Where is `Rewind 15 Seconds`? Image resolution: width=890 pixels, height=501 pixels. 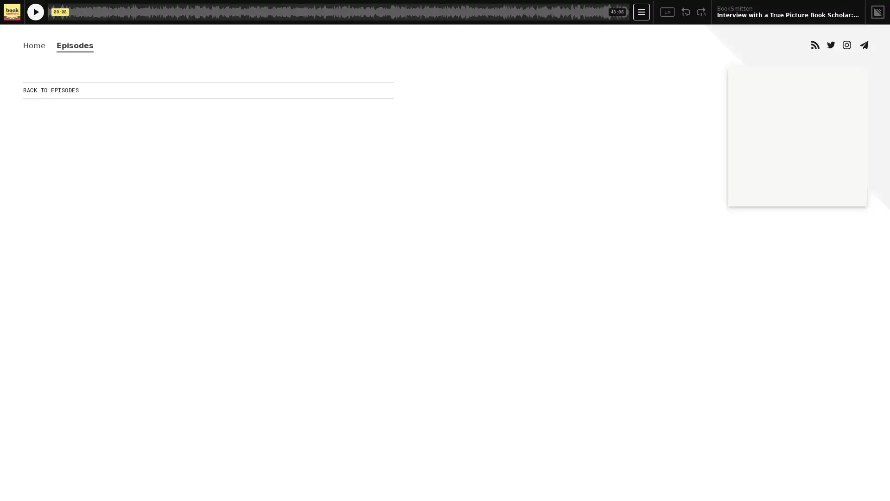
Rewind 15 Seconds is located at coordinates (686, 12).